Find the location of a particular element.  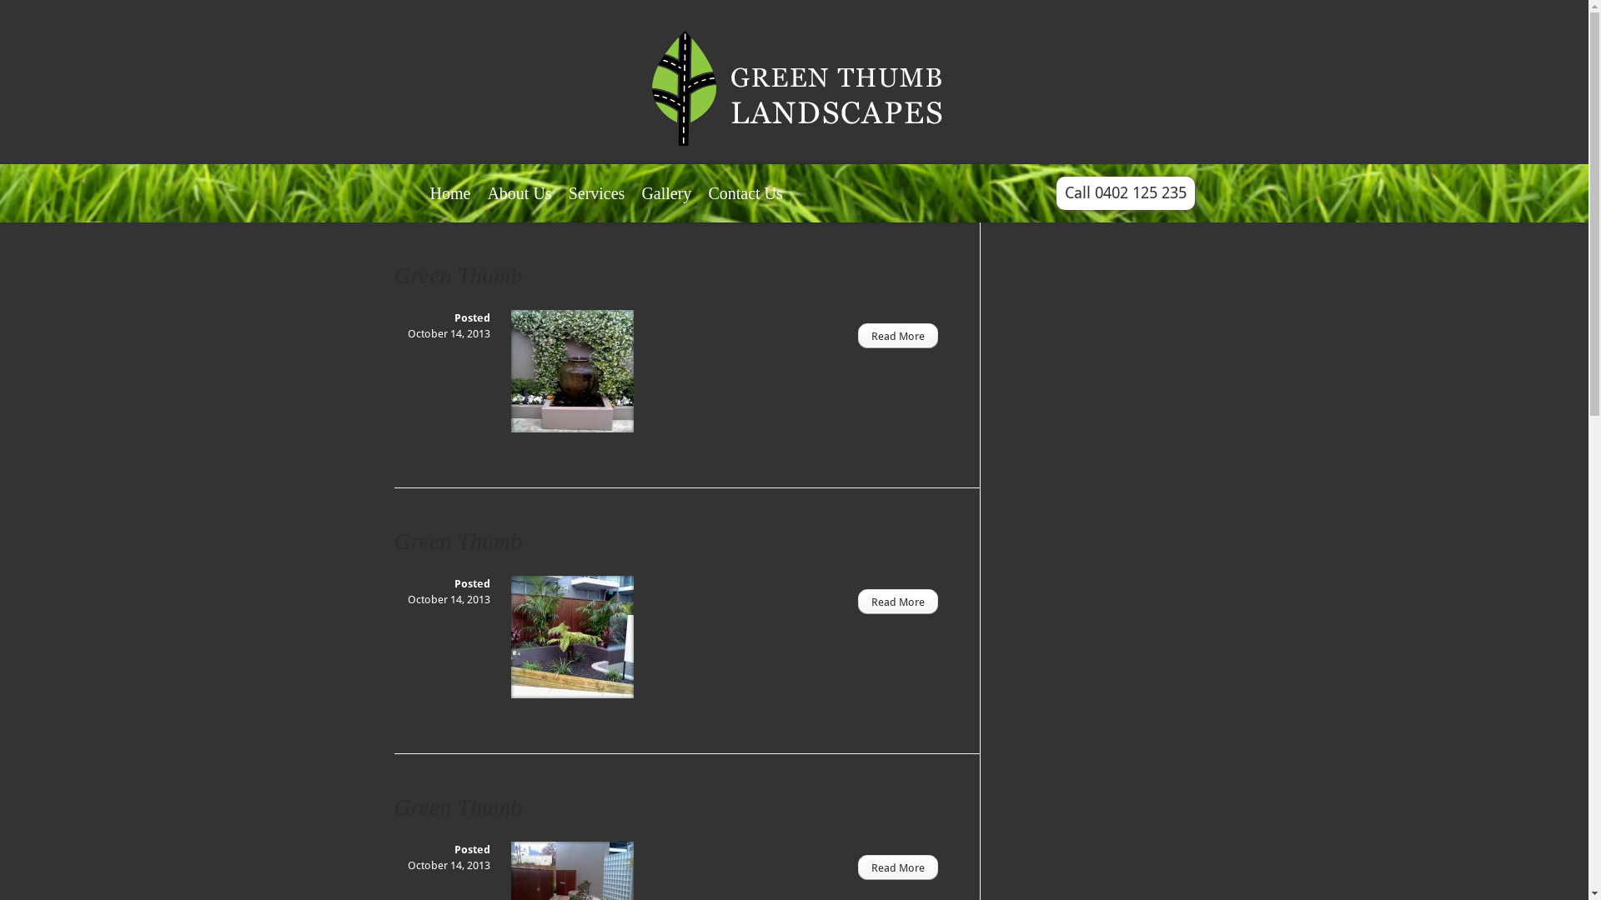

'Green Thumb' is located at coordinates (457, 806).